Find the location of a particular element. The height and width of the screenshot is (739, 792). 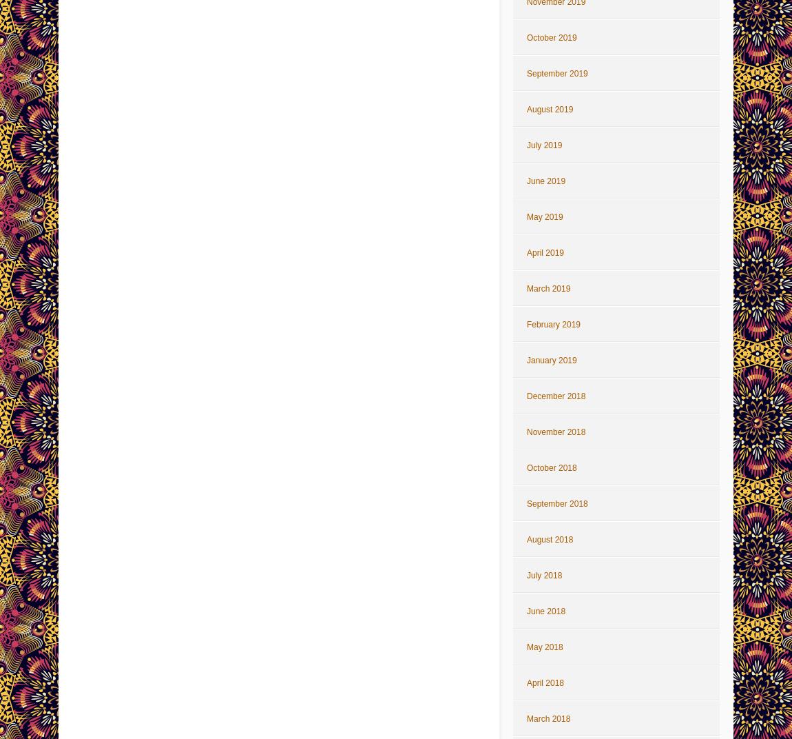

'November 2018' is located at coordinates (525, 432).